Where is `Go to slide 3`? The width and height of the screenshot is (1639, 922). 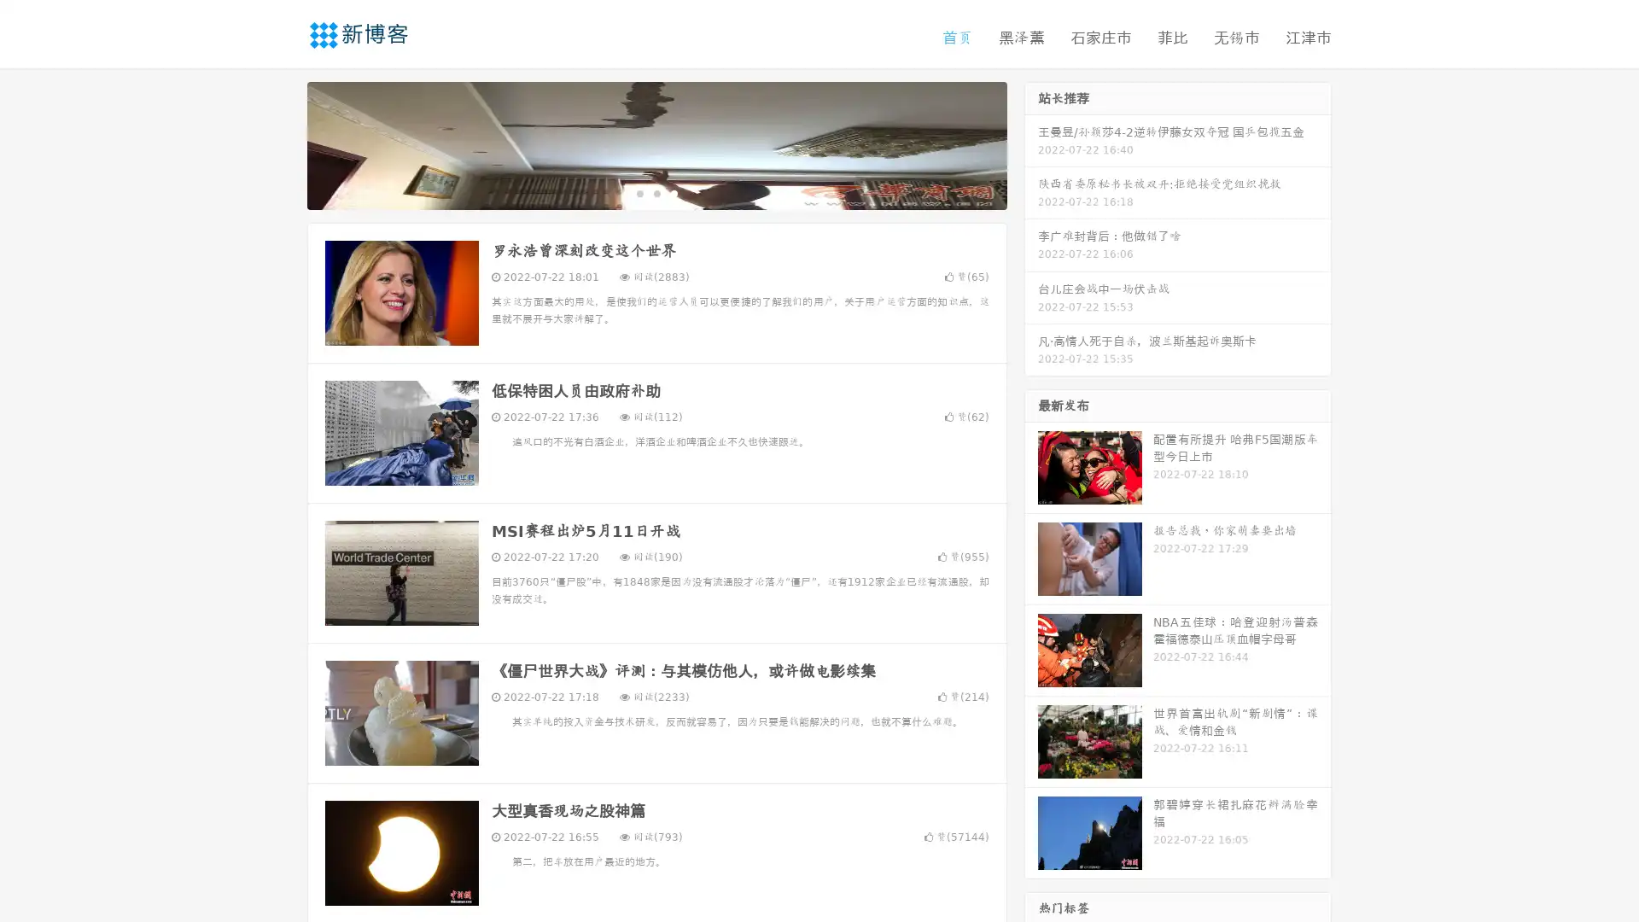
Go to slide 3 is located at coordinates (674, 192).